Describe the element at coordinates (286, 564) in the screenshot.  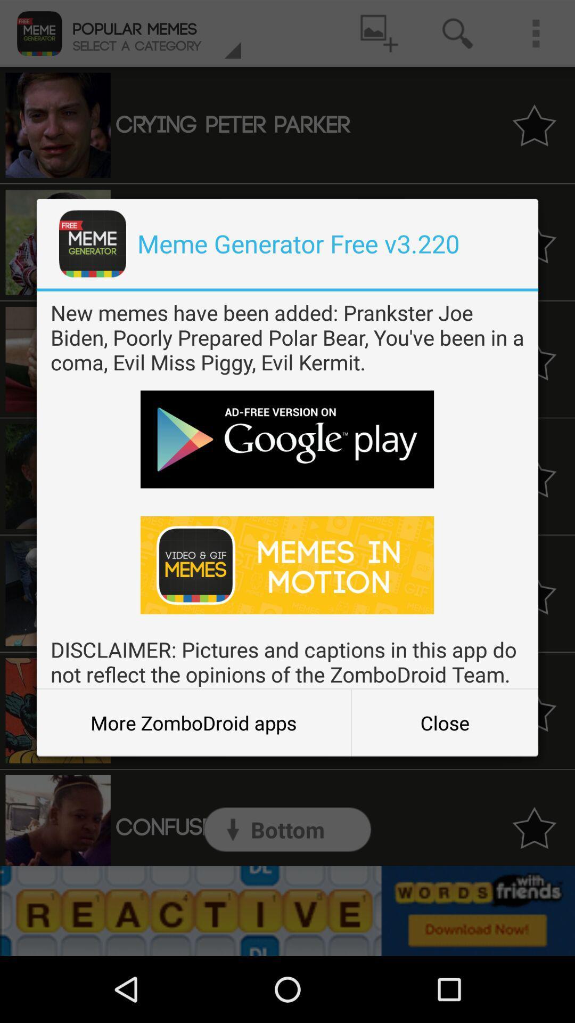
I see `download memes in motion` at that location.